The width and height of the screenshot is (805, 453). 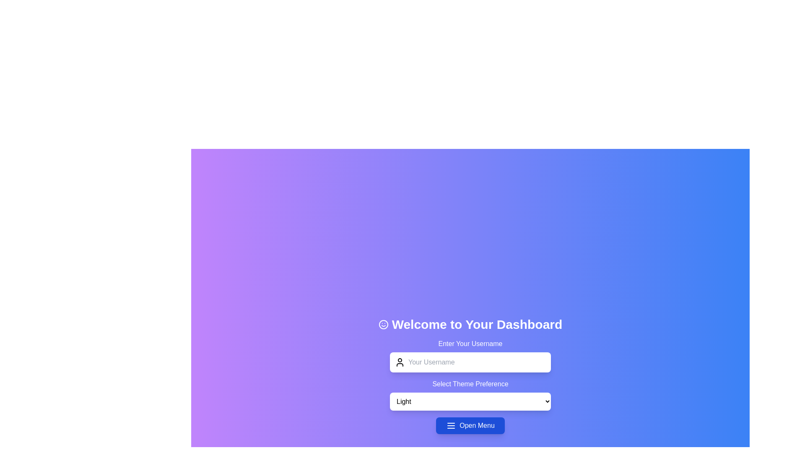 I want to click on the blue gradient button labeled 'Open Menu' with a hamburger menu icon, so click(x=470, y=425).